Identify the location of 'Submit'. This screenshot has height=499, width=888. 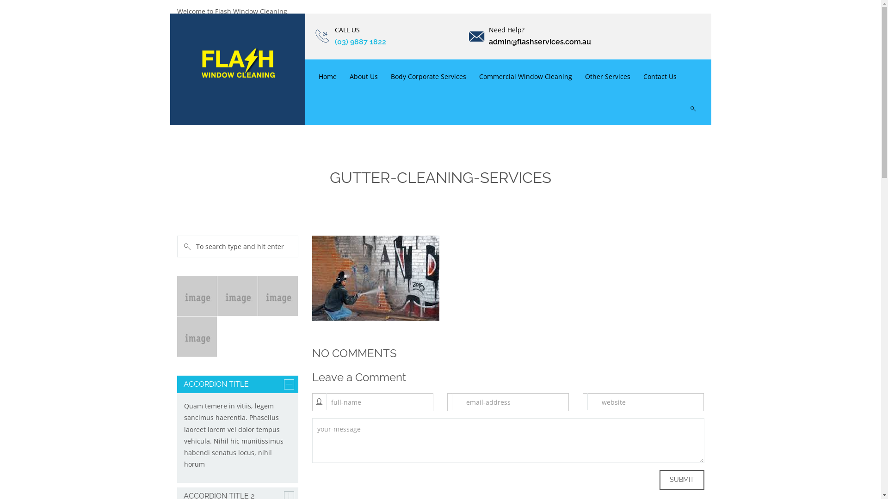
(682, 479).